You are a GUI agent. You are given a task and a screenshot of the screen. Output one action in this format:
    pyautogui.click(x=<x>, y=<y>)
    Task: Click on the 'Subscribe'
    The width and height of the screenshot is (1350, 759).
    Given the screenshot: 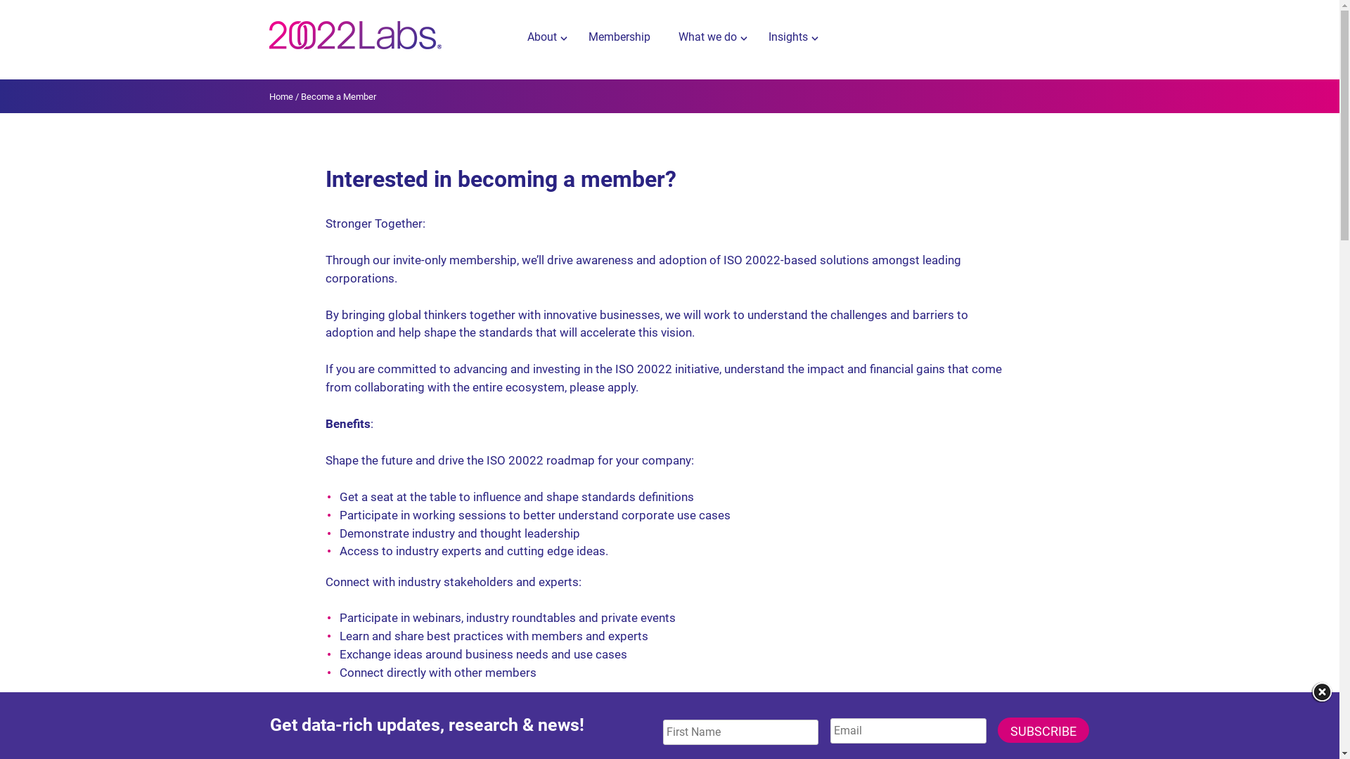 What is the action you would take?
    pyautogui.click(x=1043, y=729)
    